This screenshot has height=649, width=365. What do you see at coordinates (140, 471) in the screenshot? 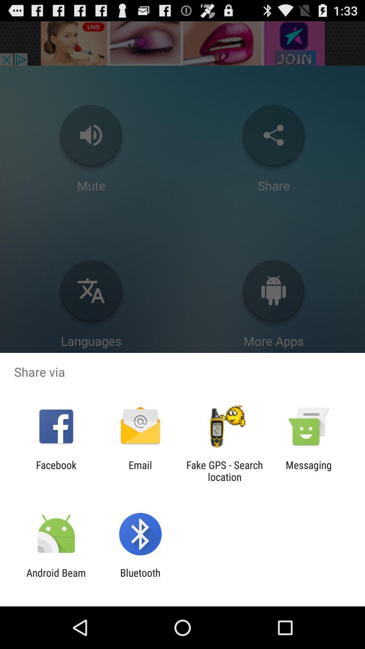
I see `app next to the fake gps search icon` at bounding box center [140, 471].